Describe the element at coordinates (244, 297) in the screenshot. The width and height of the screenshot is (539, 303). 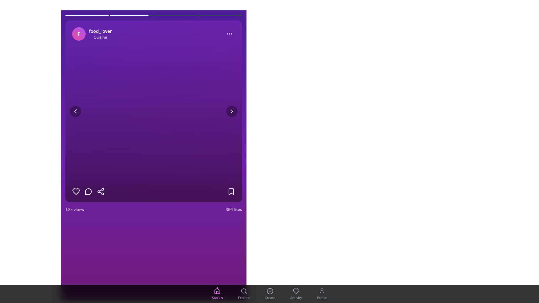
I see `the small-sized text label displaying 'Explore' in lowercase letters, which transitions from gray to fuchsia when hovered, located at the bottom of the user interface in the navigation bar` at that location.